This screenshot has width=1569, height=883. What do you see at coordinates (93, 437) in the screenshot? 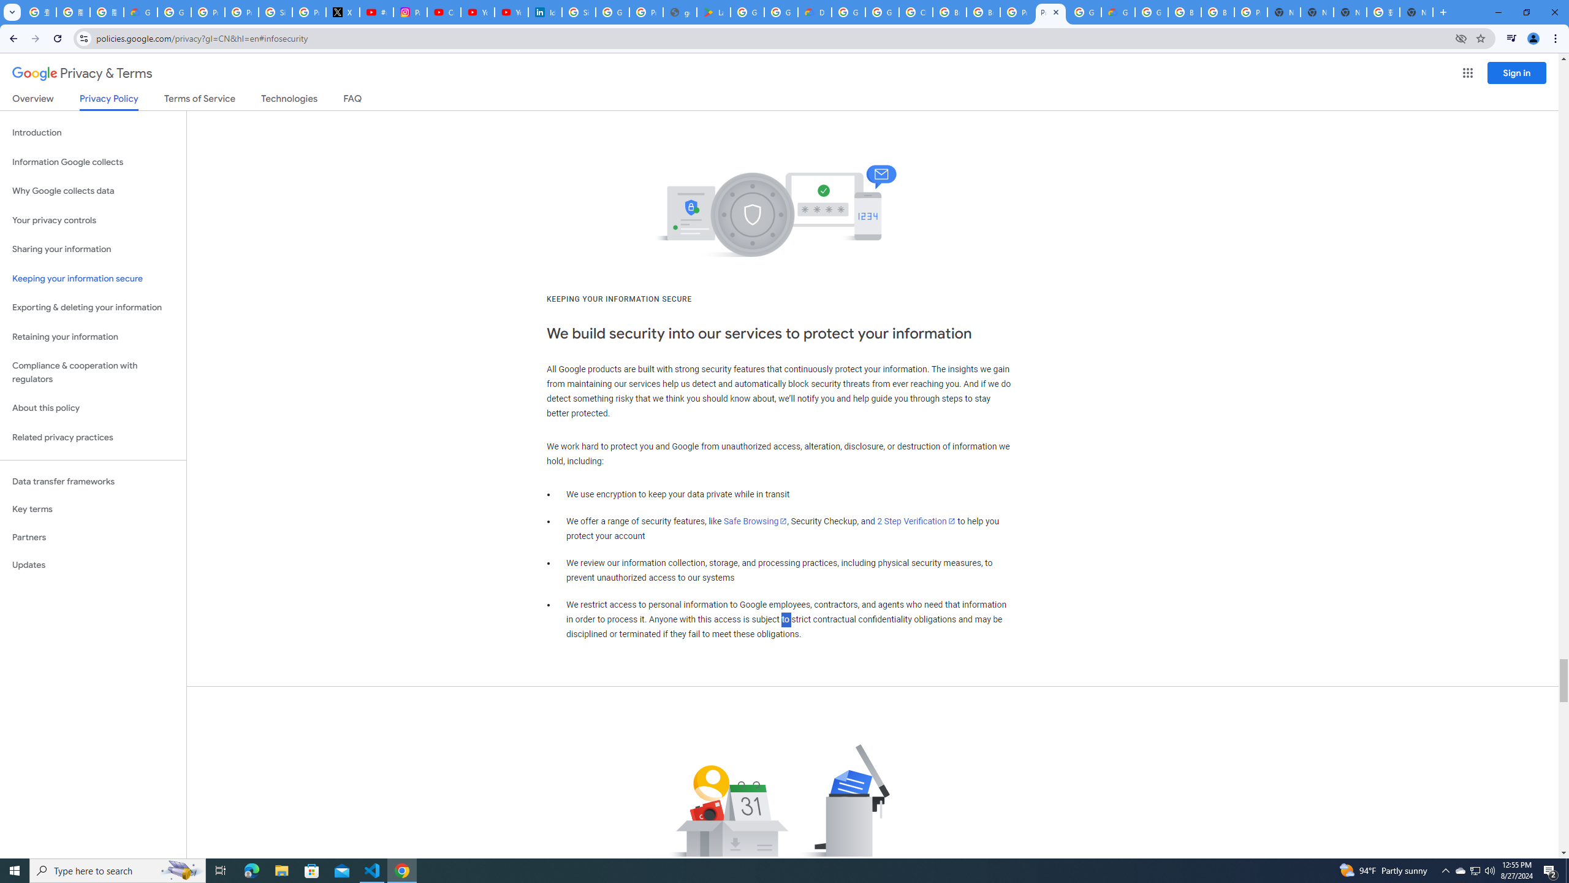
I see `'Related privacy practices'` at bounding box center [93, 437].